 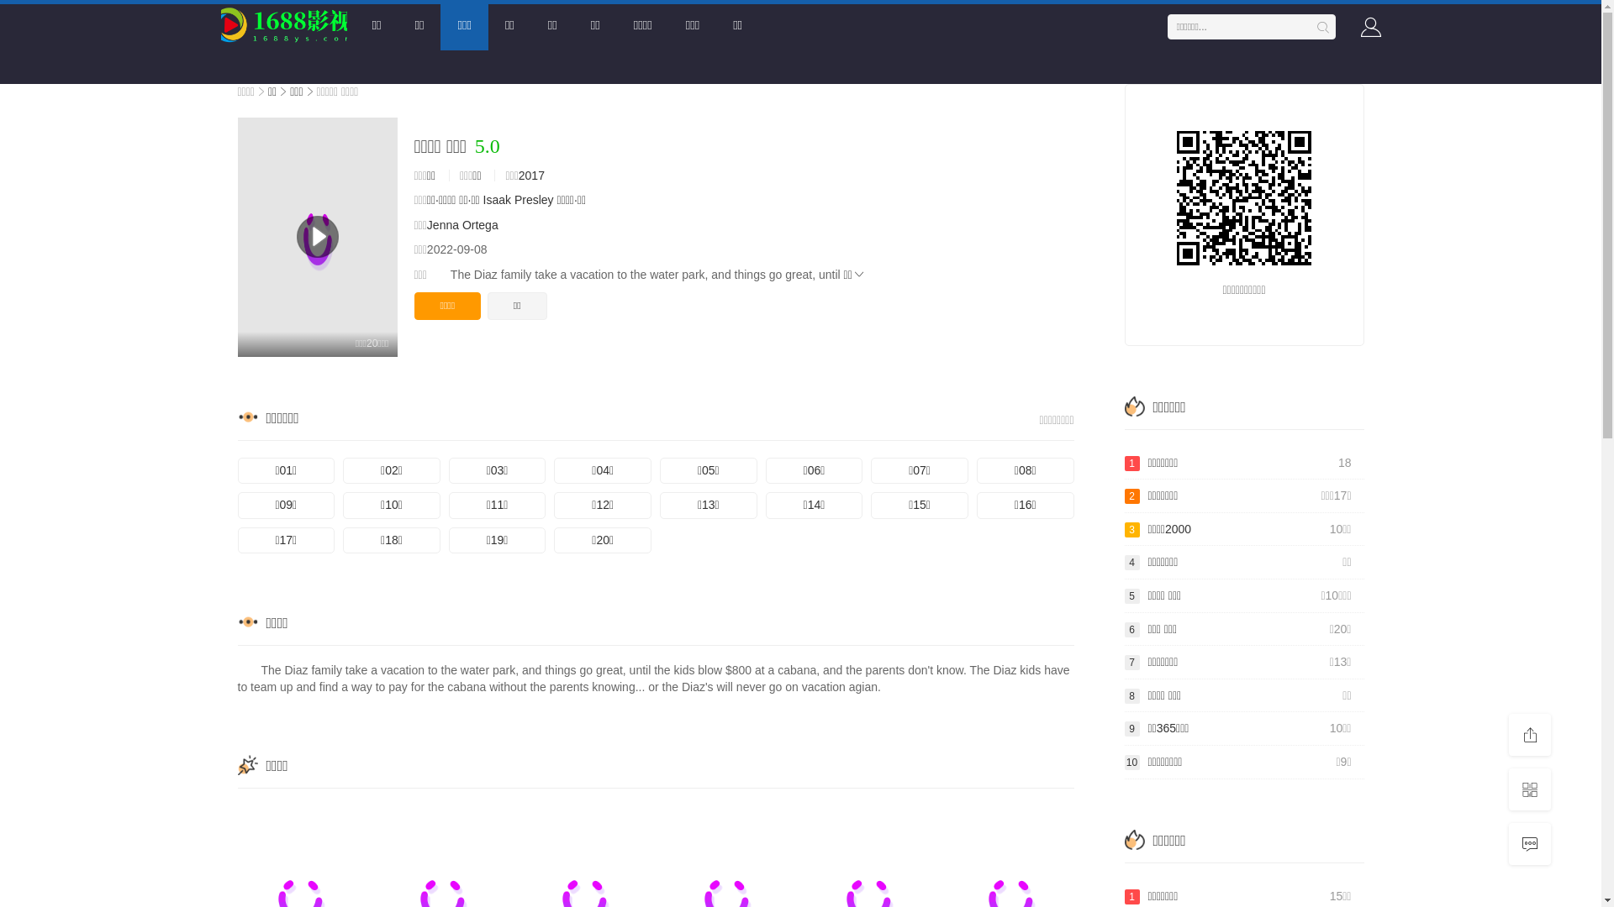 I want to click on 'Presley', so click(x=533, y=199).